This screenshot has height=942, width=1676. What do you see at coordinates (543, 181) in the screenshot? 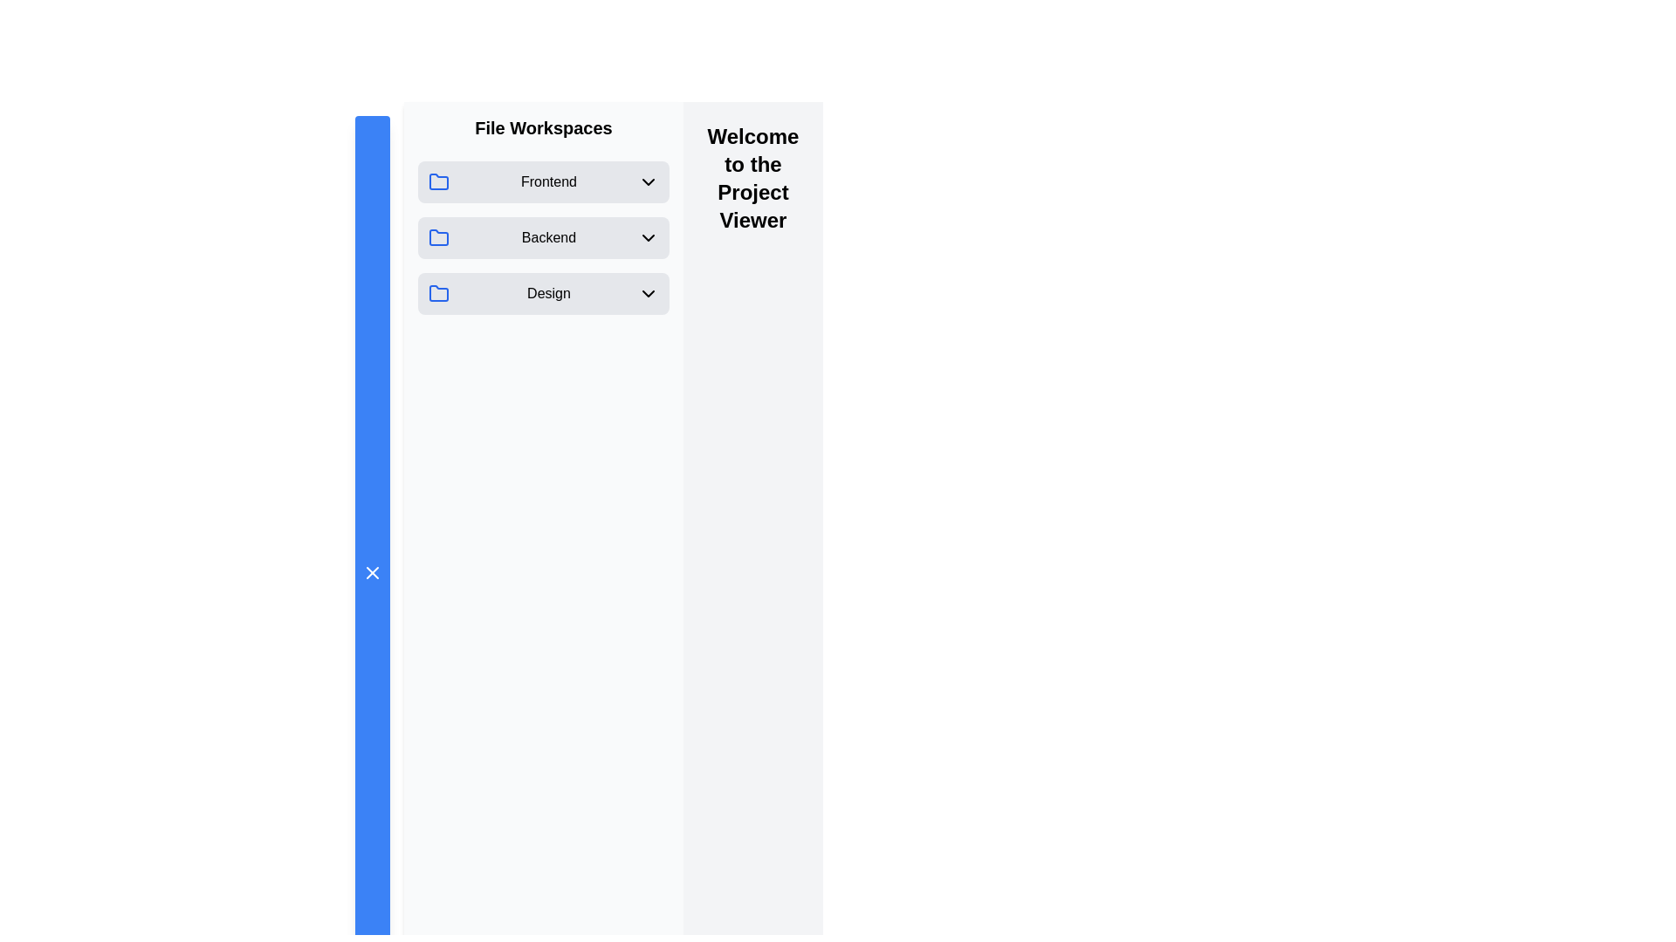
I see `the Expandable button labeled 'Frontend' located` at bounding box center [543, 181].